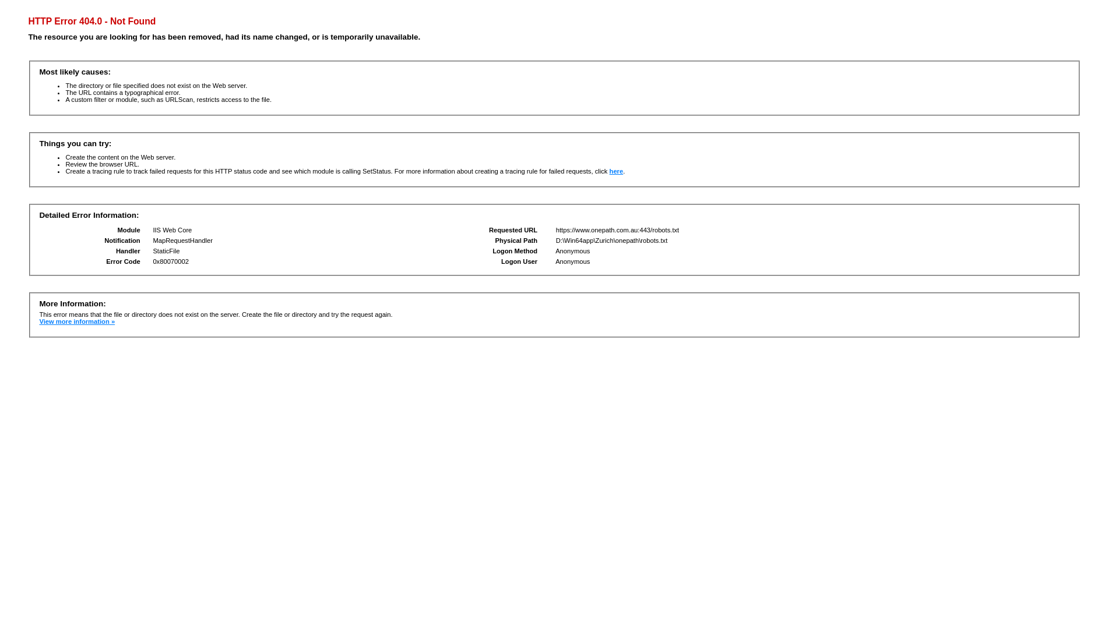  I want to click on 'here', so click(609, 171).